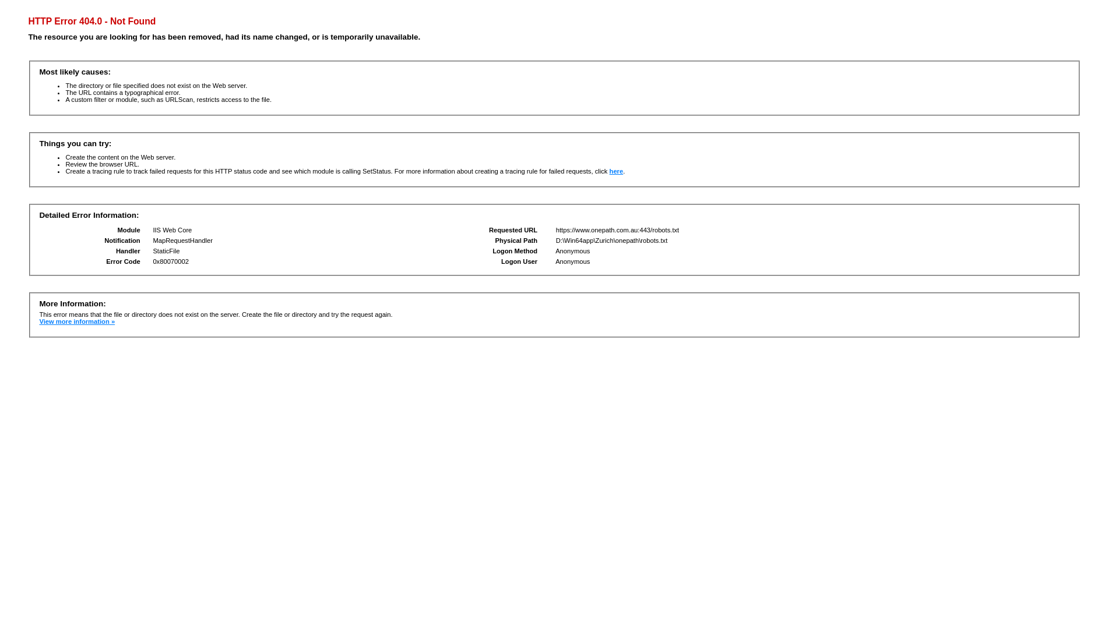  I want to click on 'here', so click(609, 171).